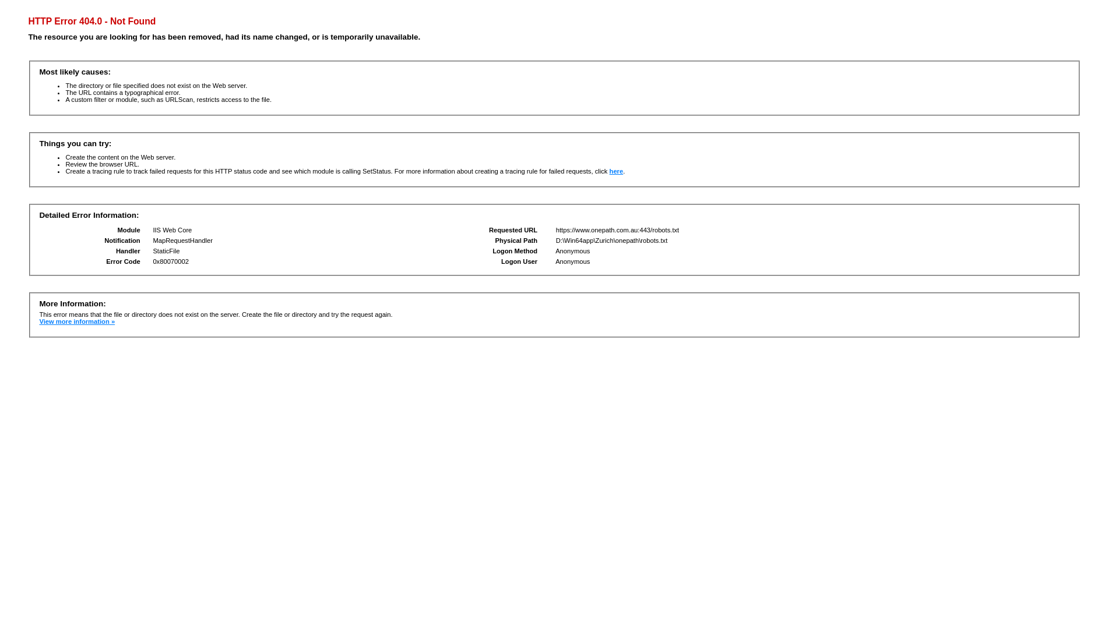  I want to click on 'here', so click(609, 171).